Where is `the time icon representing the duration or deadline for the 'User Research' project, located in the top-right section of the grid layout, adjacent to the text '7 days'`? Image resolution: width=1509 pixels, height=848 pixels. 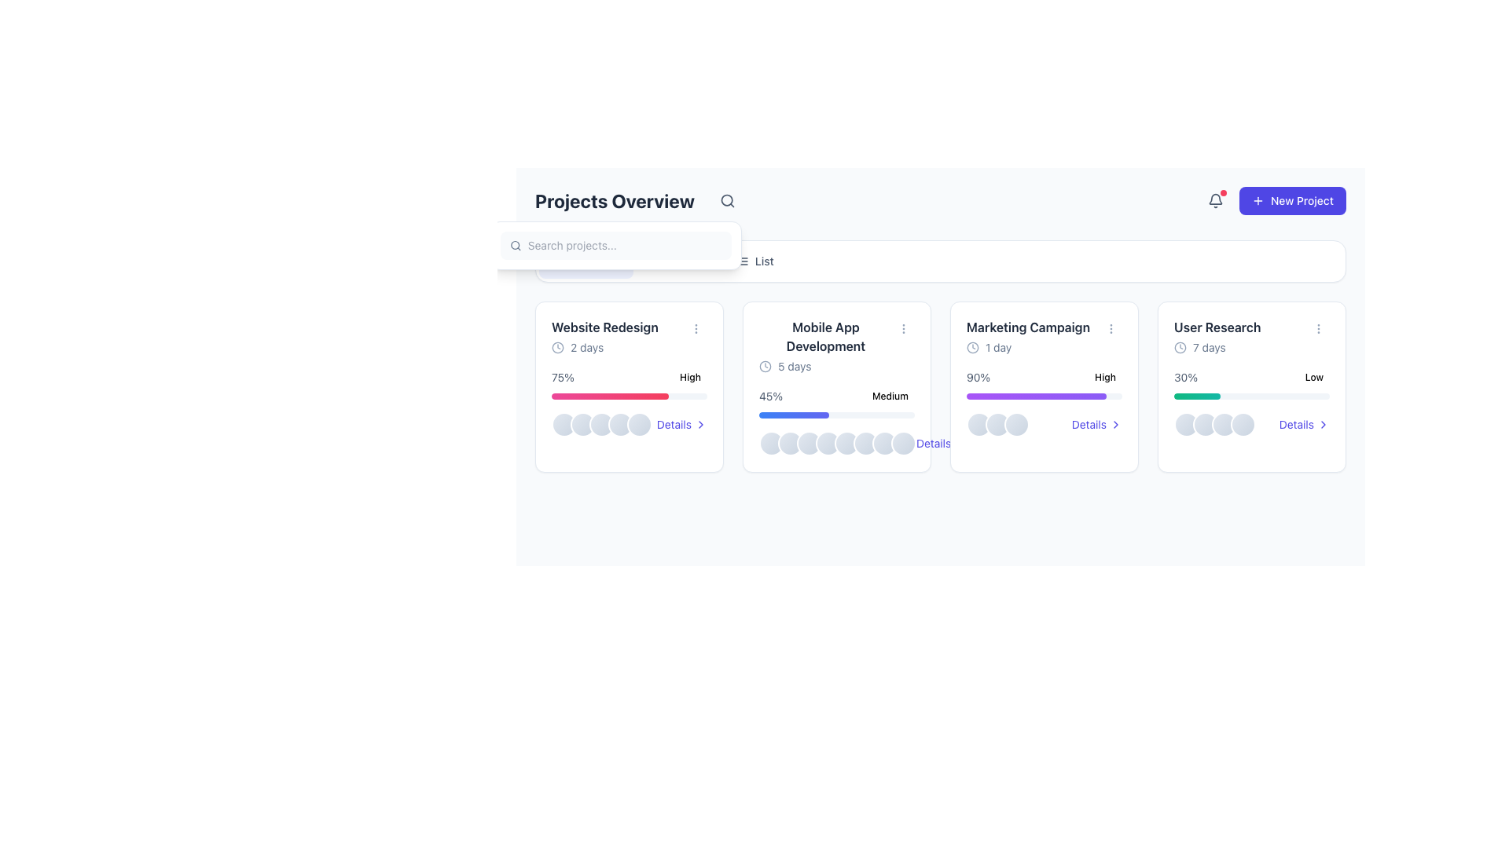
the time icon representing the duration or deadline for the 'User Research' project, located in the top-right section of the grid layout, adjacent to the text '7 days' is located at coordinates (1180, 347).